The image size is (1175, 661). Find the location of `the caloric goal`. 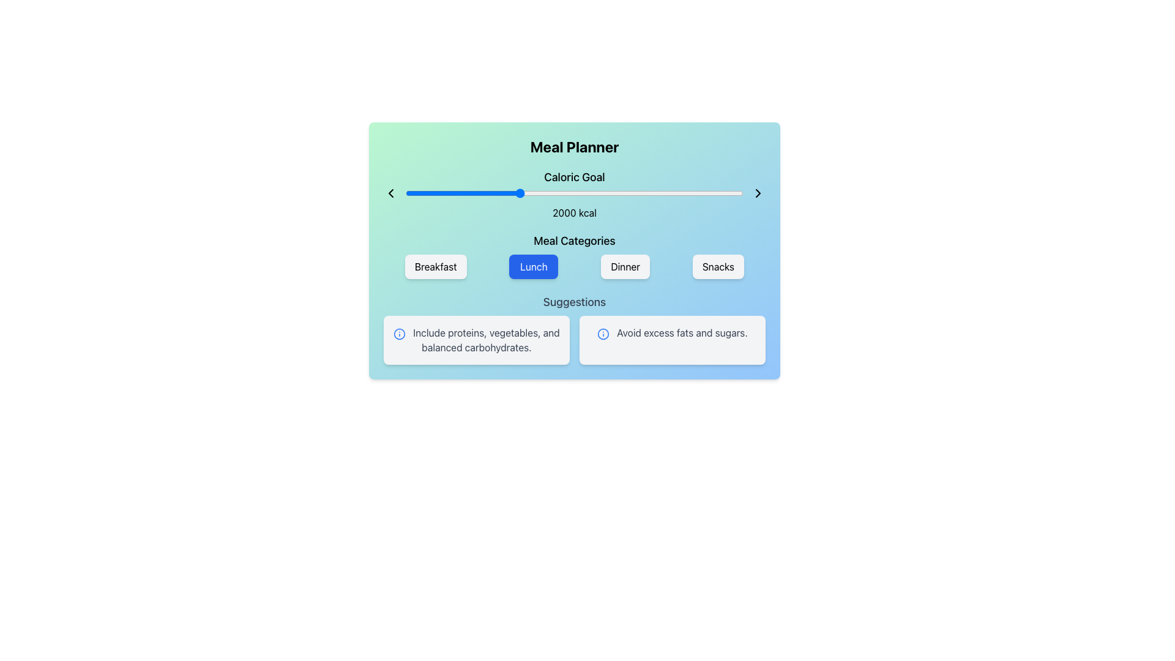

the caloric goal is located at coordinates (619, 193).